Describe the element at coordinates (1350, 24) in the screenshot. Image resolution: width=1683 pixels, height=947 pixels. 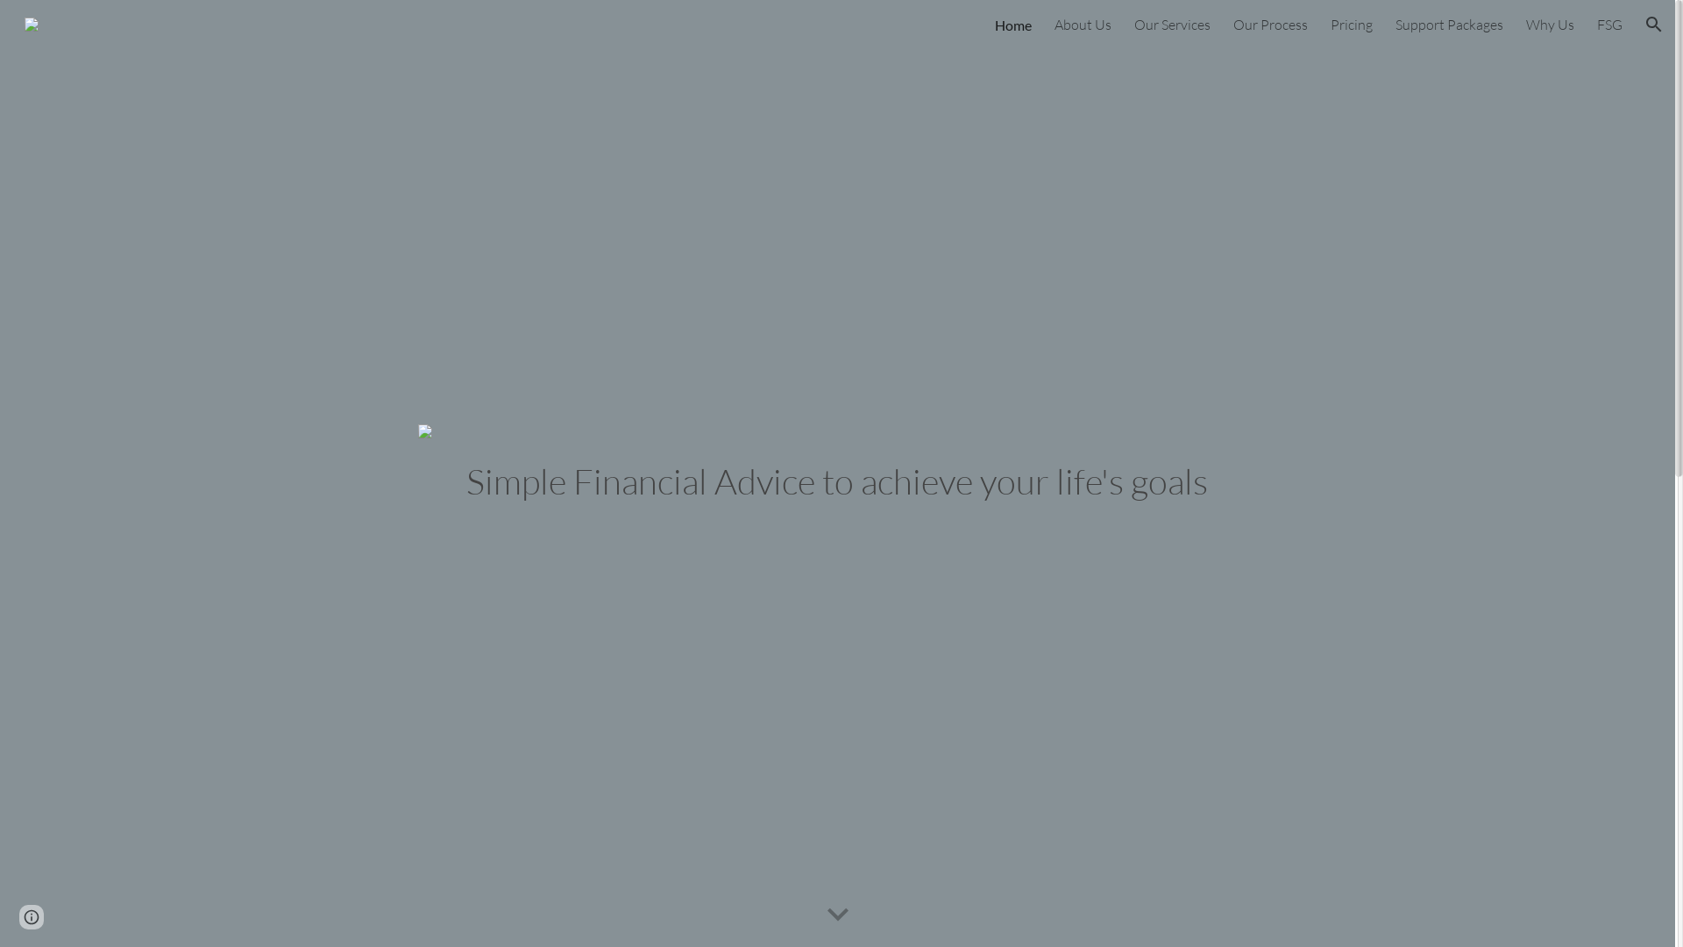
I see `'Pricing'` at that location.